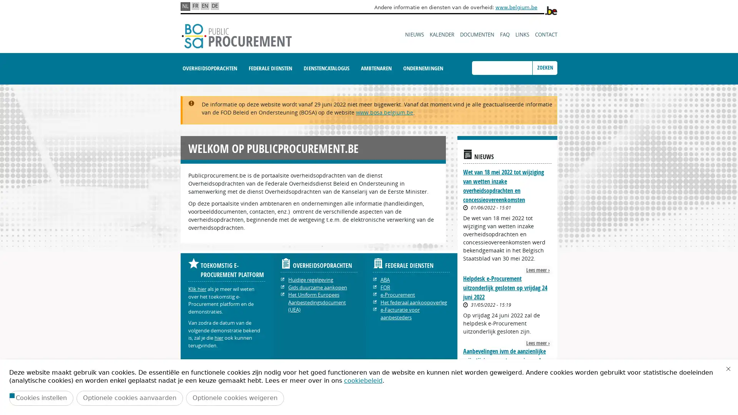  What do you see at coordinates (234, 398) in the screenshot?
I see `Optionele cookies weigeren` at bounding box center [234, 398].